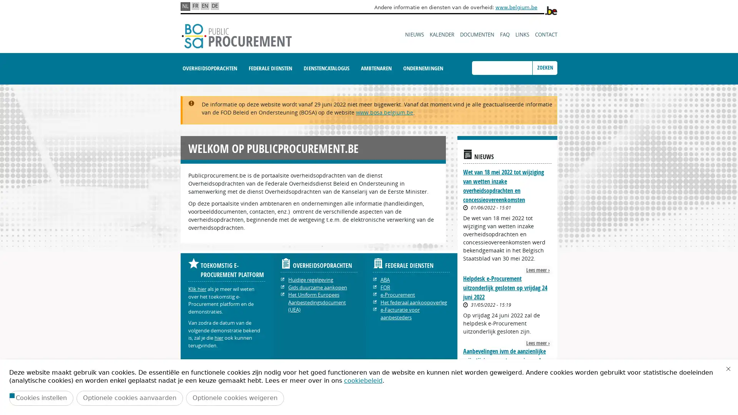  What do you see at coordinates (234, 398) in the screenshot?
I see `Optionele cookies weigeren` at bounding box center [234, 398].